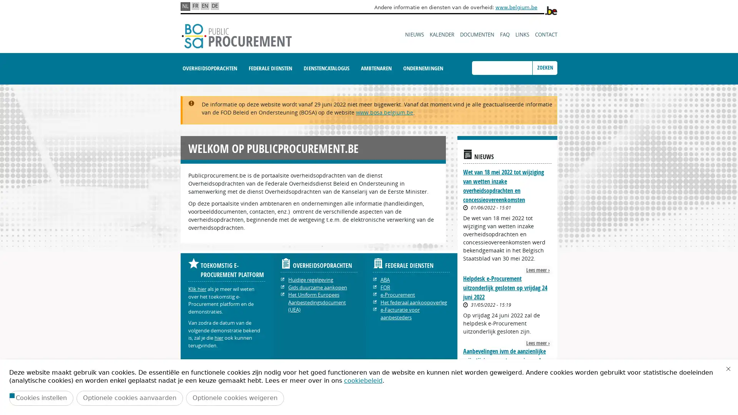  What do you see at coordinates (234, 398) in the screenshot?
I see `Optionele cookies weigeren` at bounding box center [234, 398].